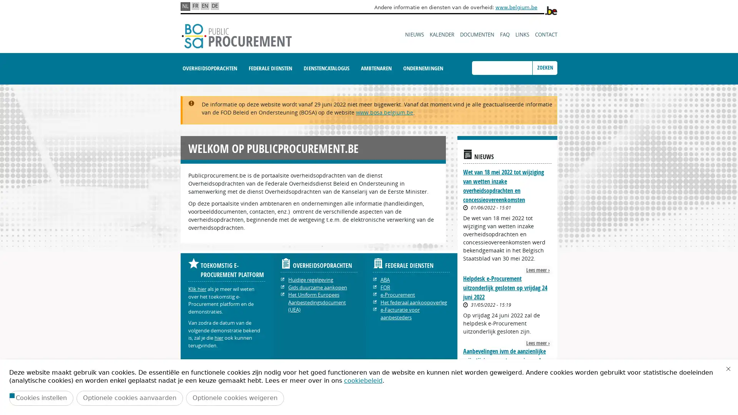  What do you see at coordinates (234, 398) in the screenshot?
I see `Optionele cookies weigeren` at bounding box center [234, 398].